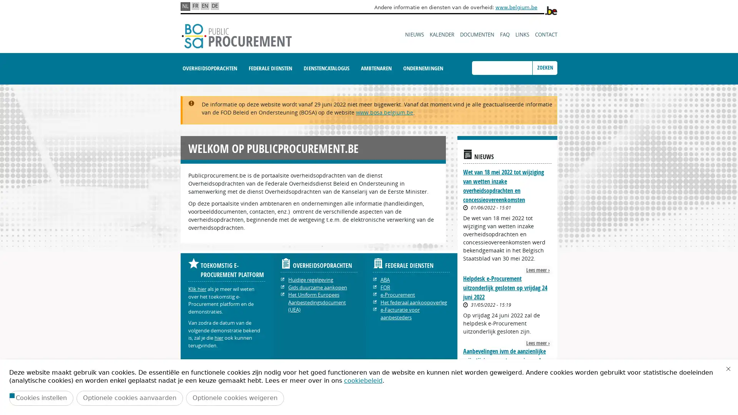  What do you see at coordinates (234, 398) in the screenshot?
I see `Optionele cookies weigeren` at bounding box center [234, 398].